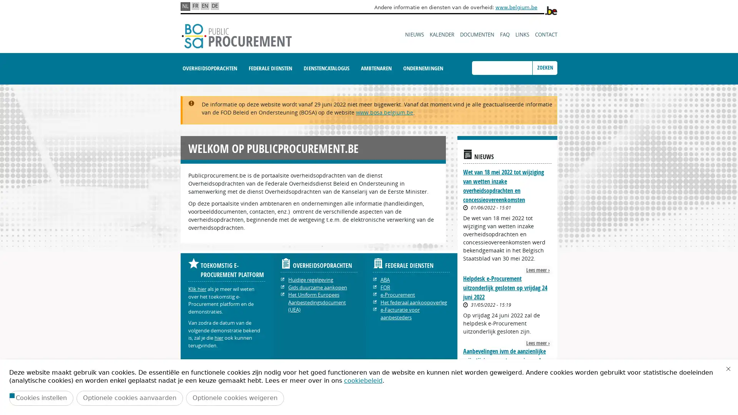  What do you see at coordinates (234, 398) in the screenshot?
I see `Optionele cookies weigeren` at bounding box center [234, 398].